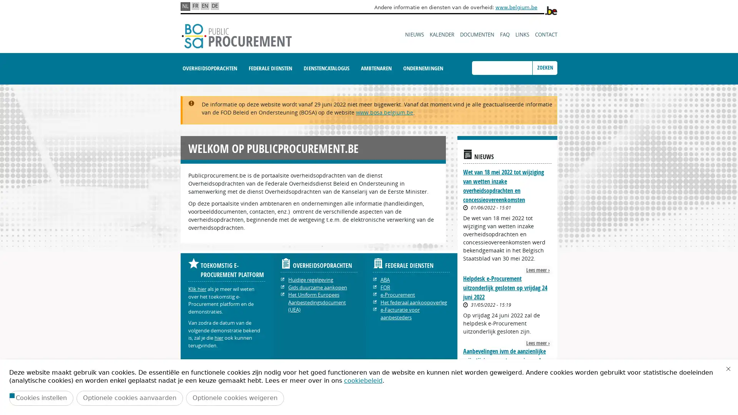  What do you see at coordinates (234, 398) in the screenshot?
I see `Optionele cookies weigeren` at bounding box center [234, 398].